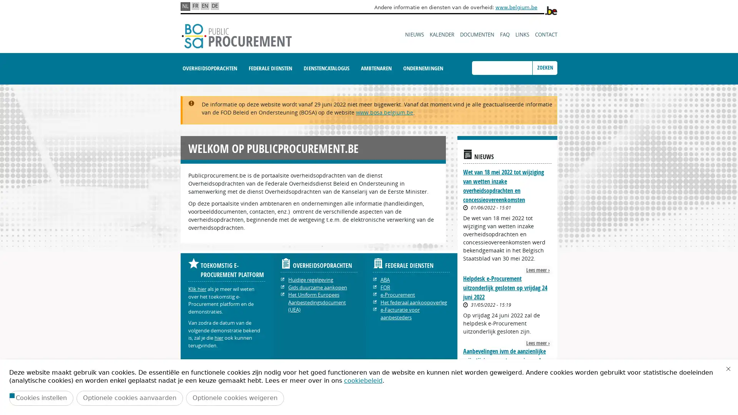  What do you see at coordinates (234, 398) in the screenshot?
I see `Optionele cookies weigeren` at bounding box center [234, 398].